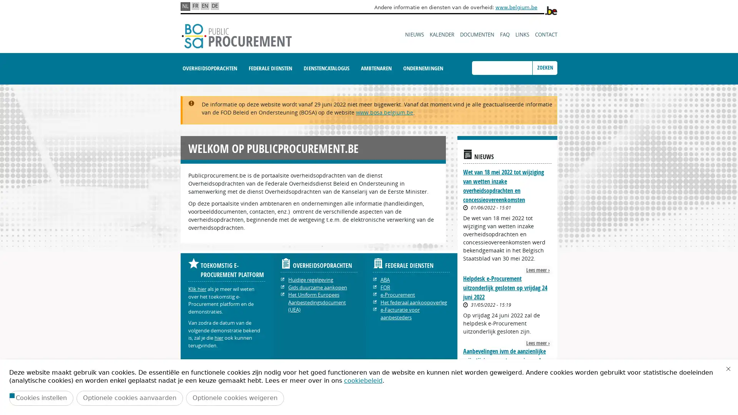  What do you see at coordinates (234, 398) in the screenshot?
I see `Optionele cookies weigeren` at bounding box center [234, 398].